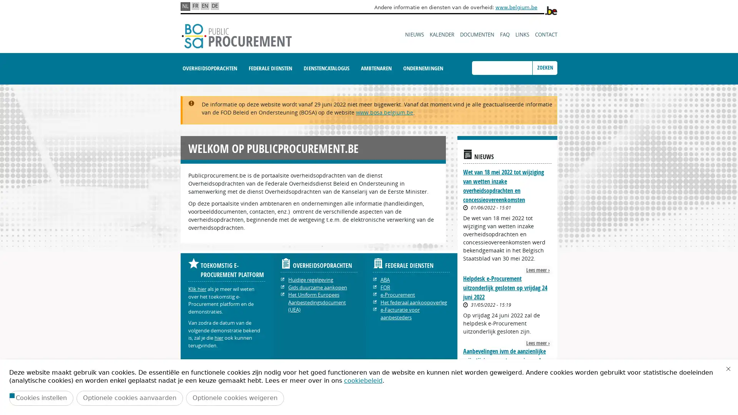  What do you see at coordinates (234, 398) in the screenshot?
I see `Optionele cookies weigeren` at bounding box center [234, 398].